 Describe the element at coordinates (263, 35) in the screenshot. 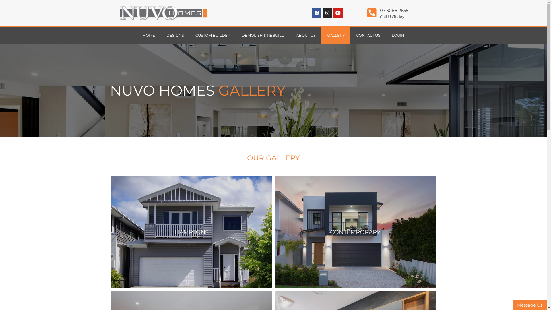

I see `'DEMOLISH & REBUILD'` at that location.